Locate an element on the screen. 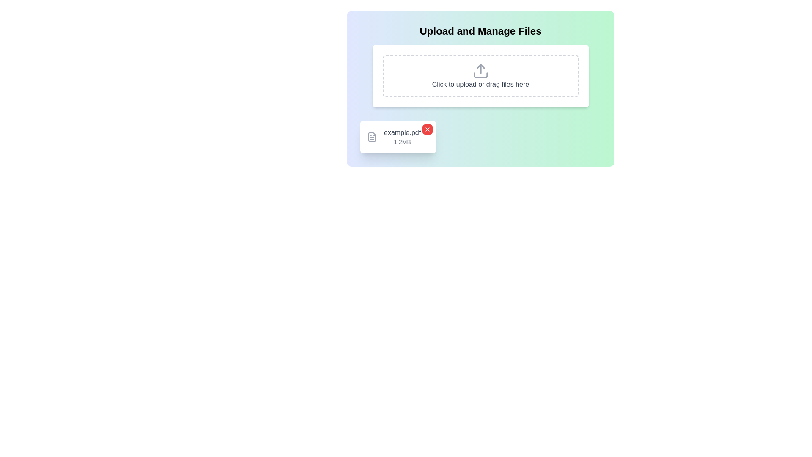  the upward-pointing arrow icon representing an upload action, located at the center of the drop zone area above the text 'Click to upload or drag files here' is located at coordinates (480, 71).